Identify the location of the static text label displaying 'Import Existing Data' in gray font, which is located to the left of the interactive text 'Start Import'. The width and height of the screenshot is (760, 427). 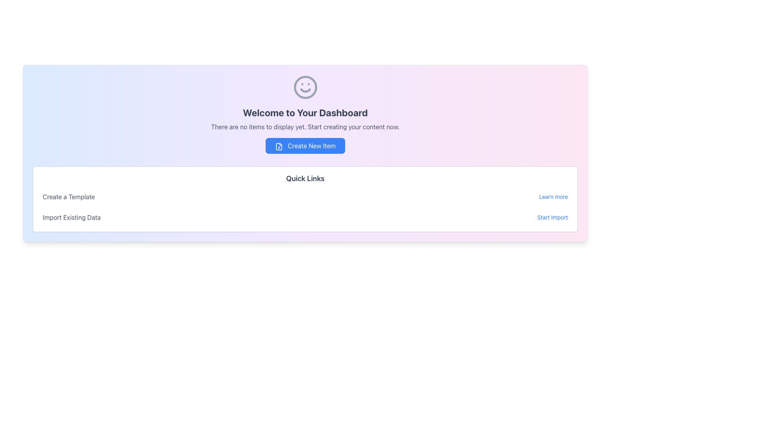
(72, 217).